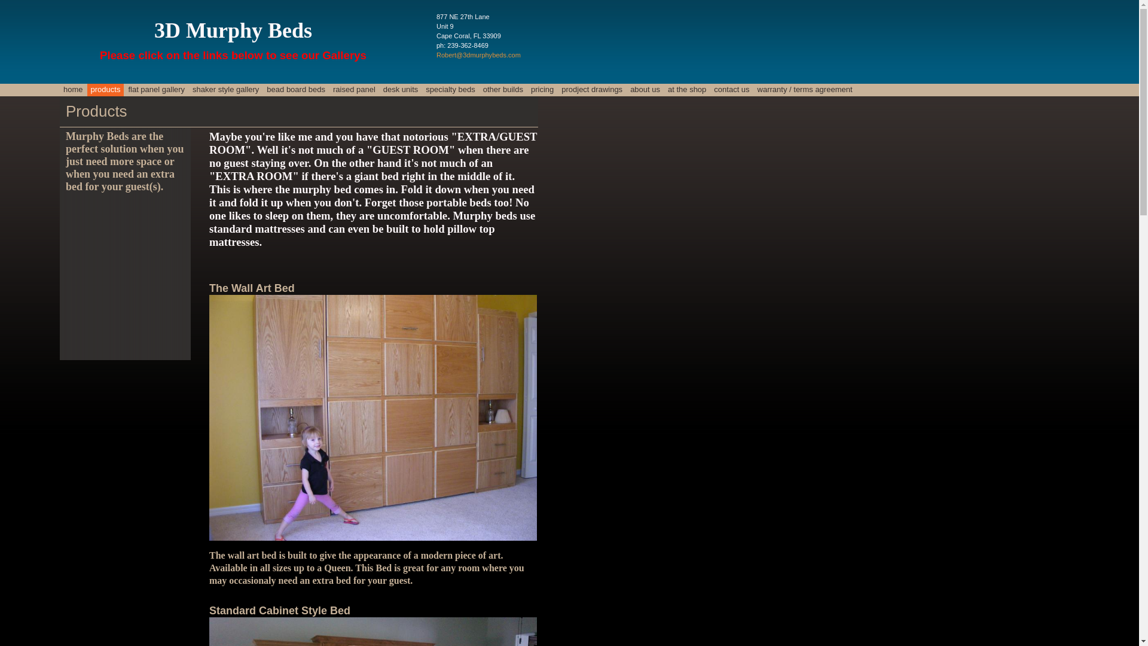  Describe the element at coordinates (188, 89) in the screenshot. I see `'shaker style gallery'` at that location.